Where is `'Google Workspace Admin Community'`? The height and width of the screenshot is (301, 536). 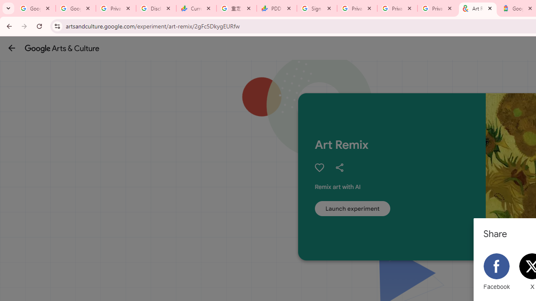
'Google Workspace Admin Community' is located at coordinates (35, 8).